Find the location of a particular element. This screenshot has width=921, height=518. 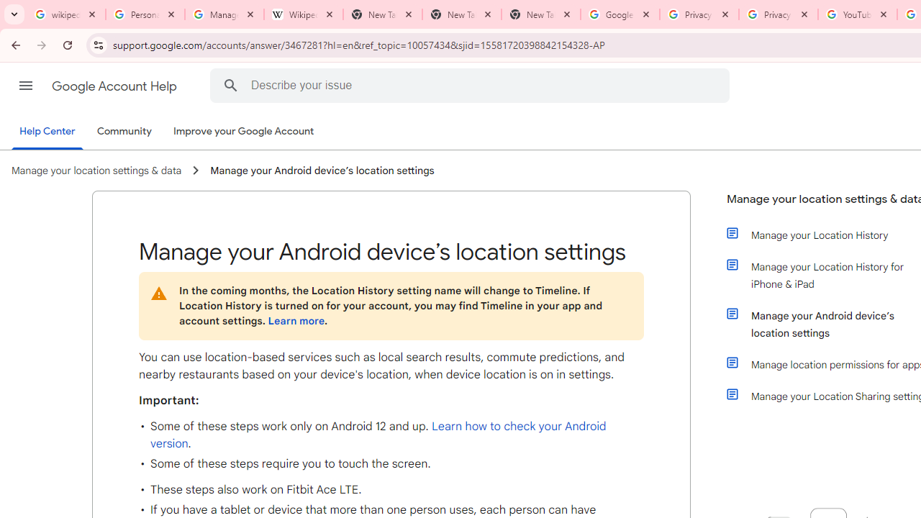

'Manage your location settings & data' is located at coordinates (96, 170).